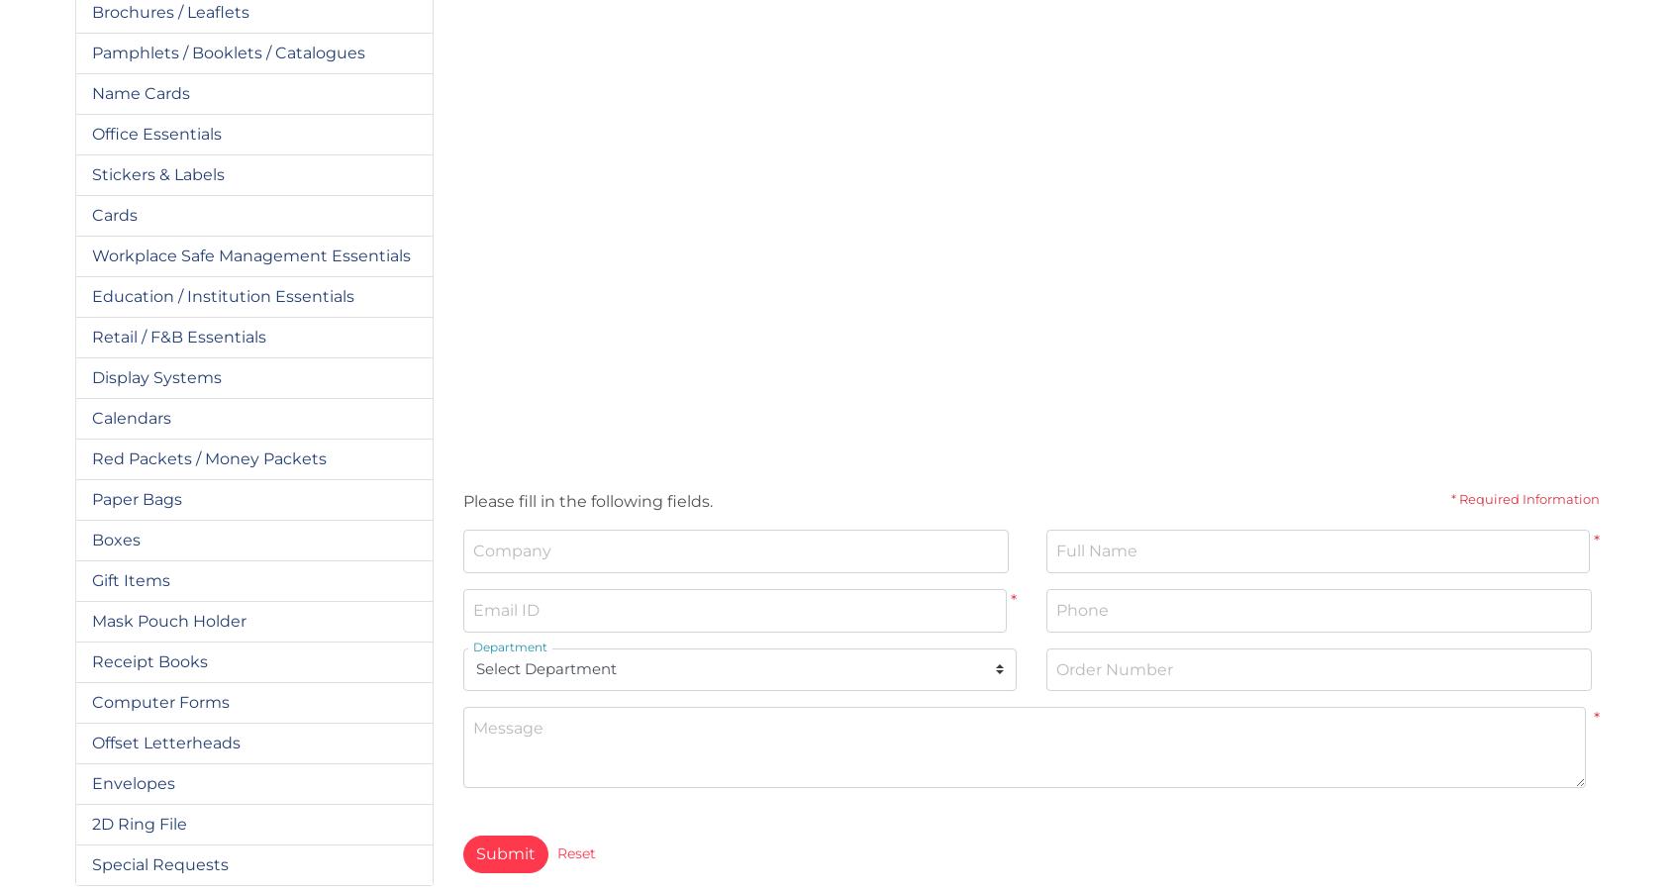  What do you see at coordinates (136, 497) in the screenshot?
I see `'Paper Bags'` at bounding box center [136, 497].